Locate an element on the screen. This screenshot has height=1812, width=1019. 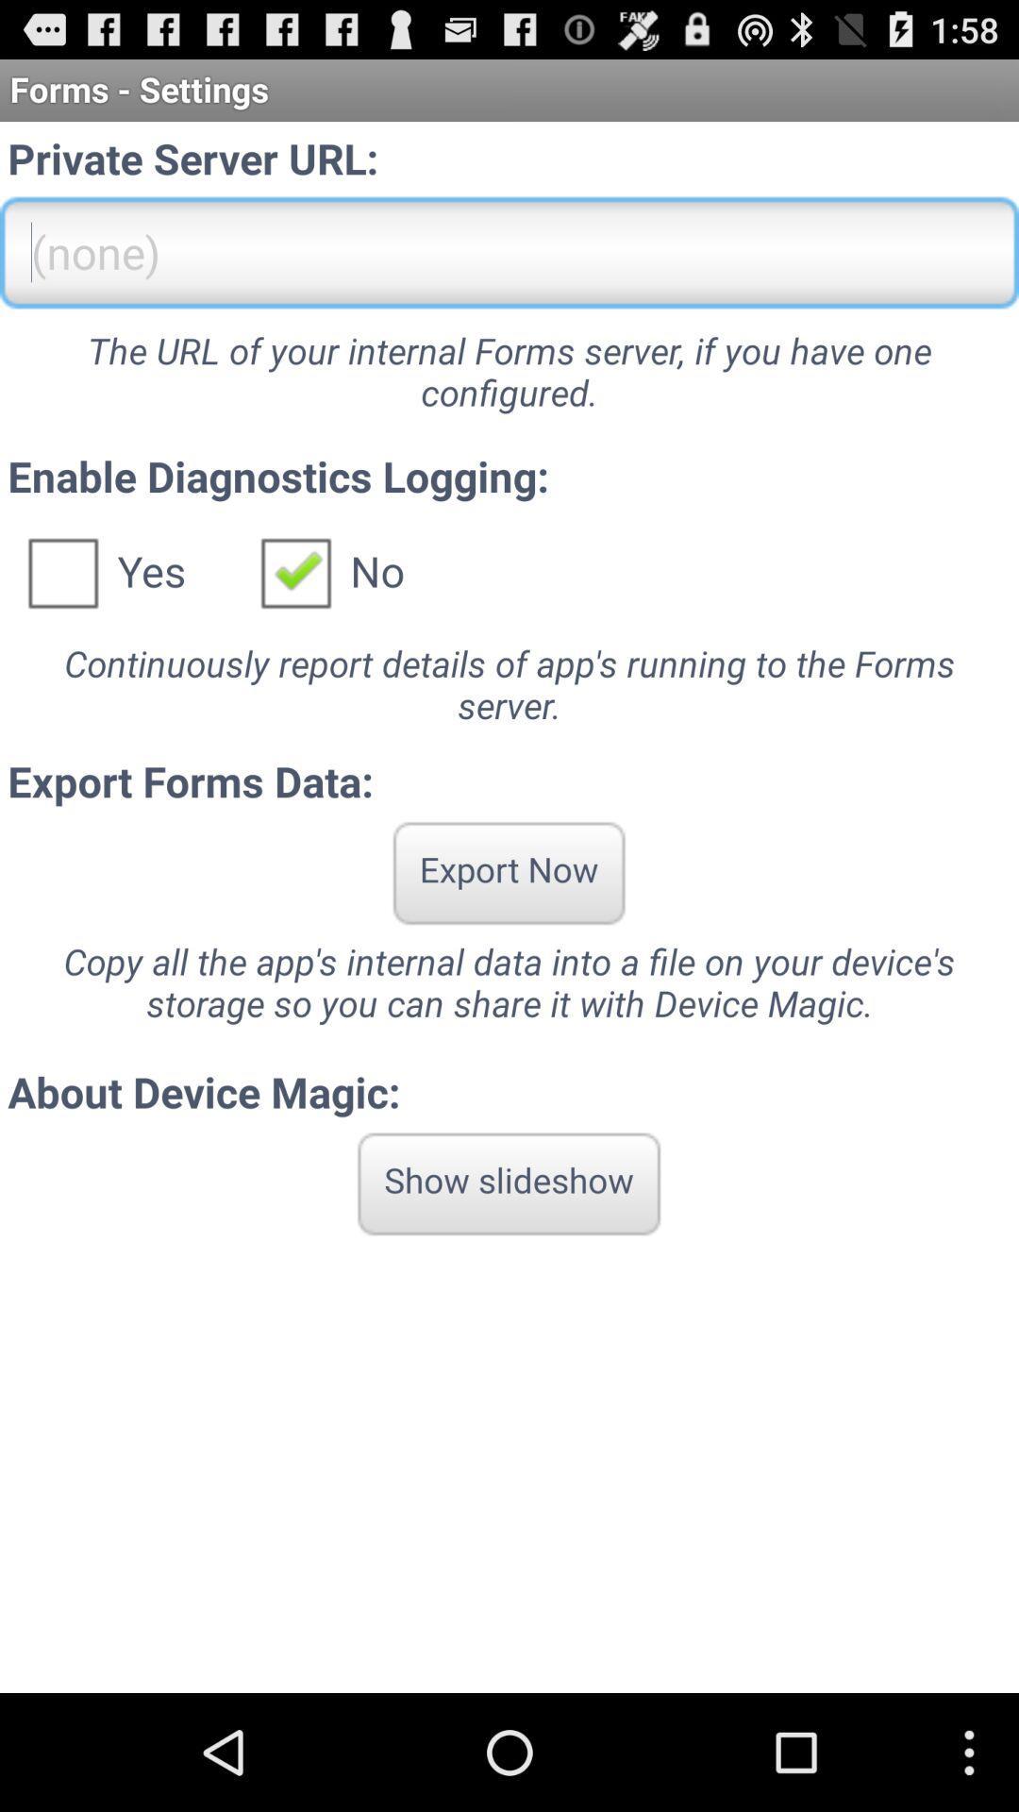
the item below about device magic: app is located at coordinates (508, 1183).